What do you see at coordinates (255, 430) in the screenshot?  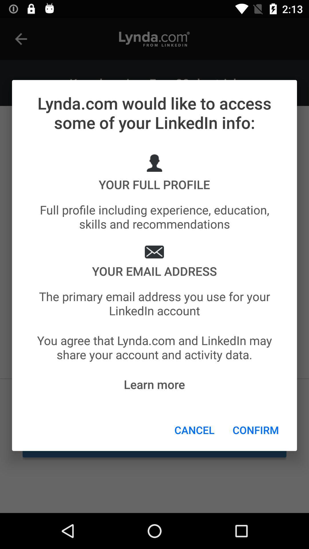 I see `item at the bottom right corner` at bounding box center [255, 430].